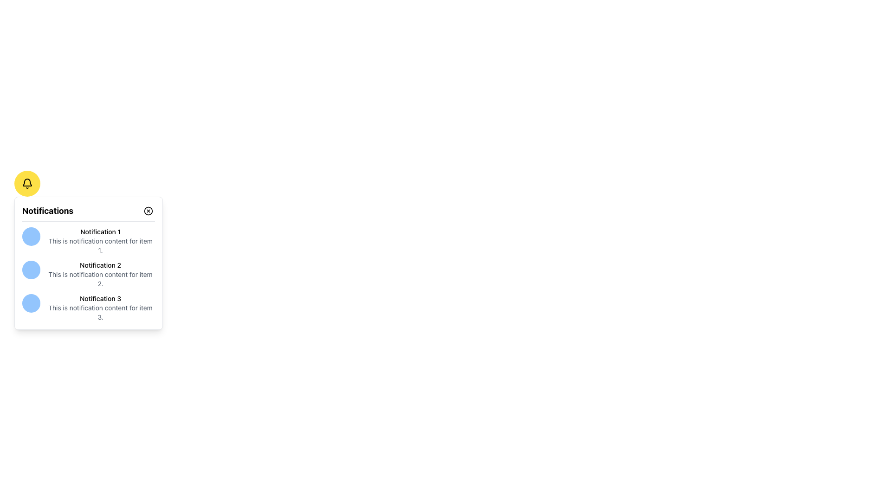  Describe the element at coordinates (31, 236) in the screenshot. I see `the light blue circular Decorative Indicator located to the left of 'Notification 1' in the notification dropdown` at that location.